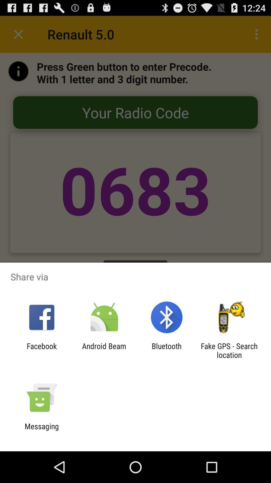 The height and width of the screenshot is (483, 271). Describe the element at coordinates (41, 350) in the screenshot. I see `the facebook icon` at that location.